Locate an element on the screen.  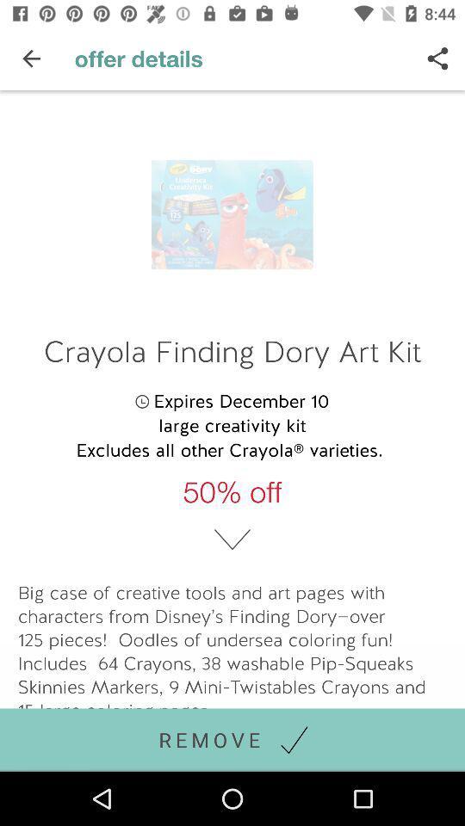
item at the top right corner is located at coordinates (437, 59).